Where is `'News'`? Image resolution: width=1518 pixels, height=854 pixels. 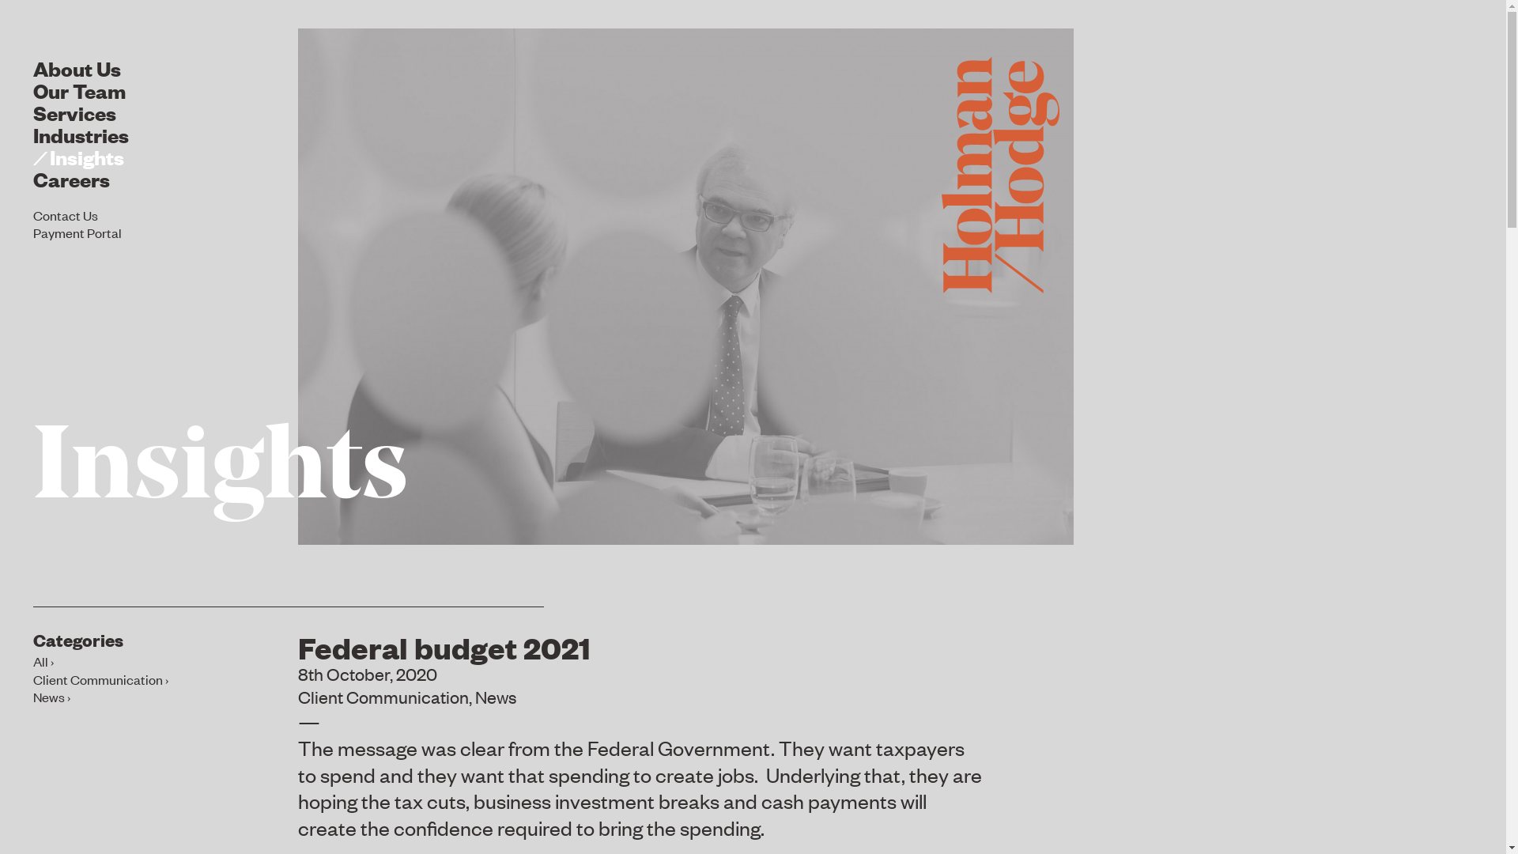
'News' is located at coordinates (51, 695).